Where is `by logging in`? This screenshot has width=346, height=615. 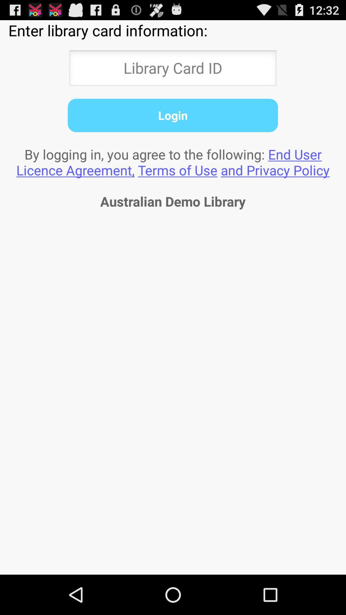
by logging in is located at coordinates (173, 162).